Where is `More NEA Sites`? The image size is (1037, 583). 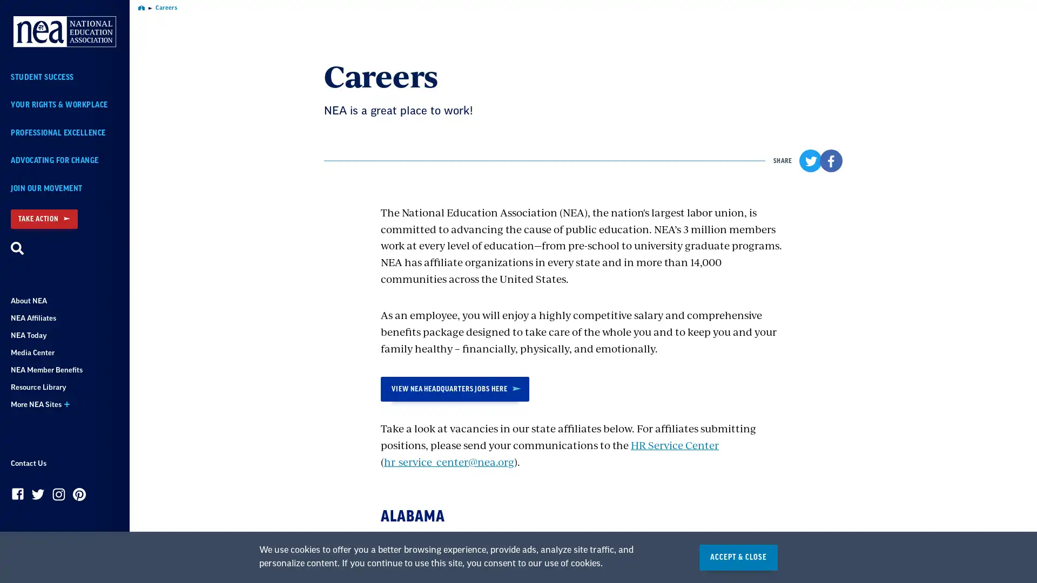
More NEA Sites is located at coordinates (64, 404).